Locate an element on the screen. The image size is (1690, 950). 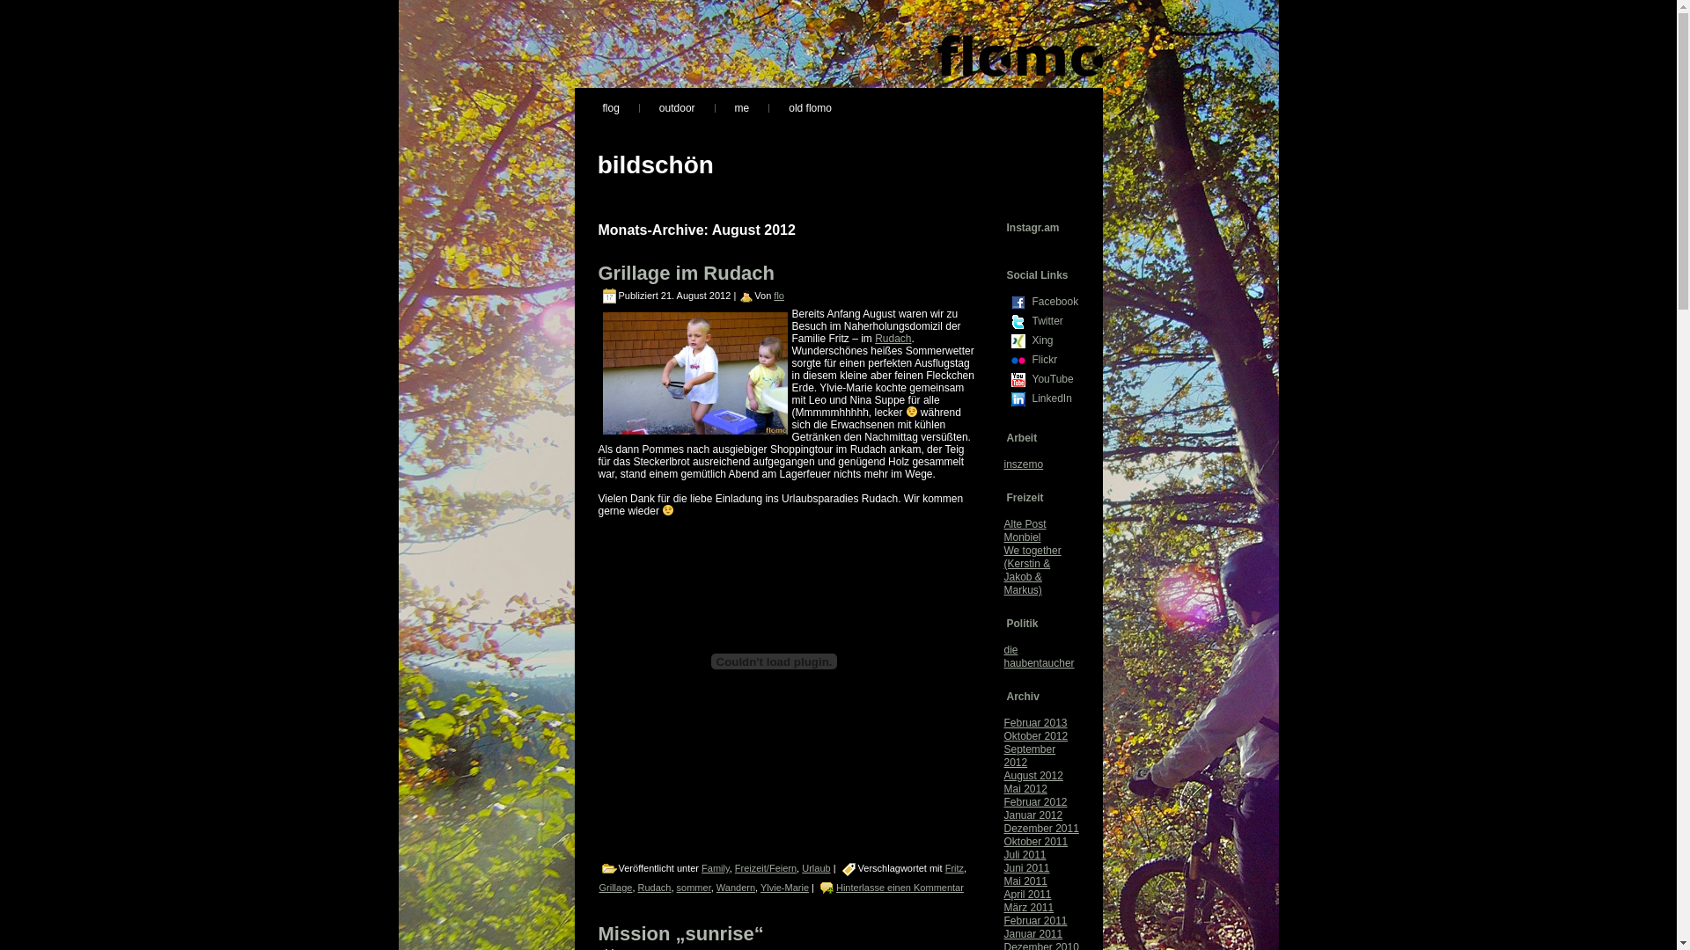
'YouTube' is located at coordinates (1054, 378).